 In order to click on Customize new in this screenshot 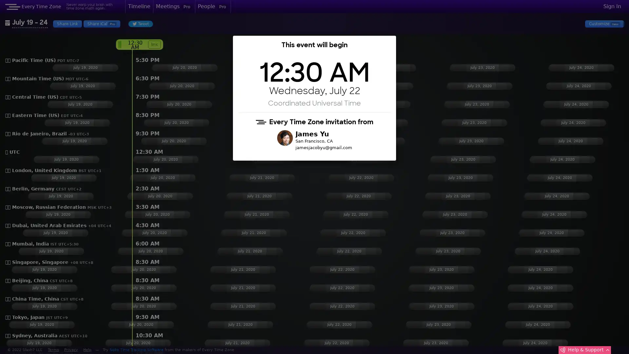, I will do `click(604, 23)`.